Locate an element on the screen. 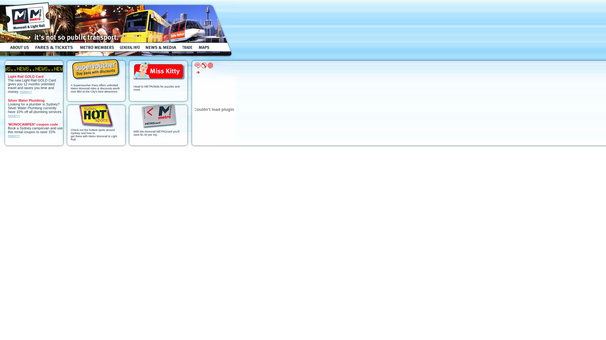  'more>>' is located at coordinates (14, 135).